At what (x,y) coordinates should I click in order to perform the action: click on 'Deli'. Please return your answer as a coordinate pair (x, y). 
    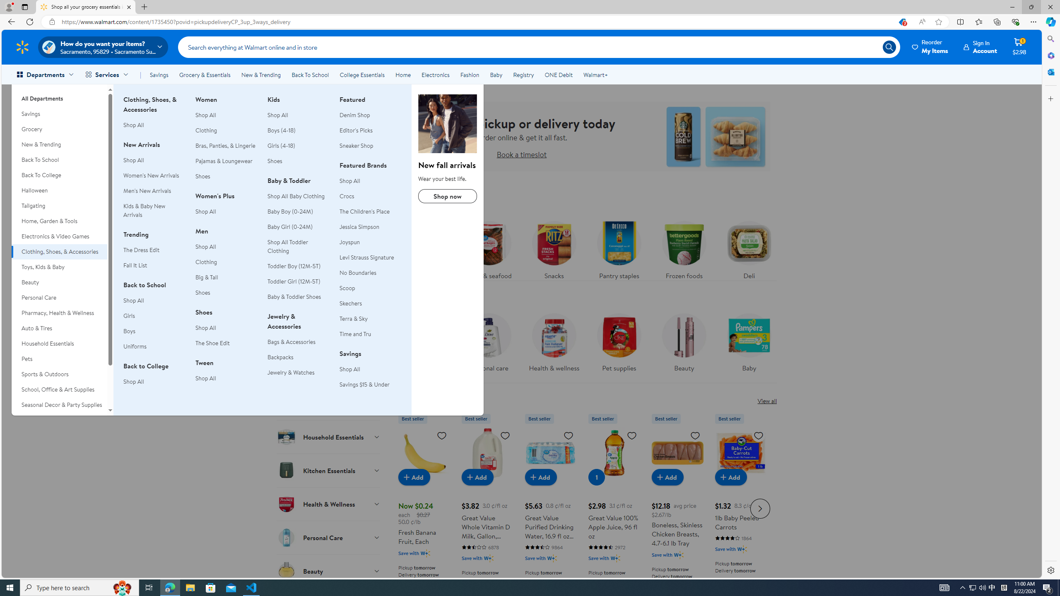
    Looking at the image, I should click on (749, 248).